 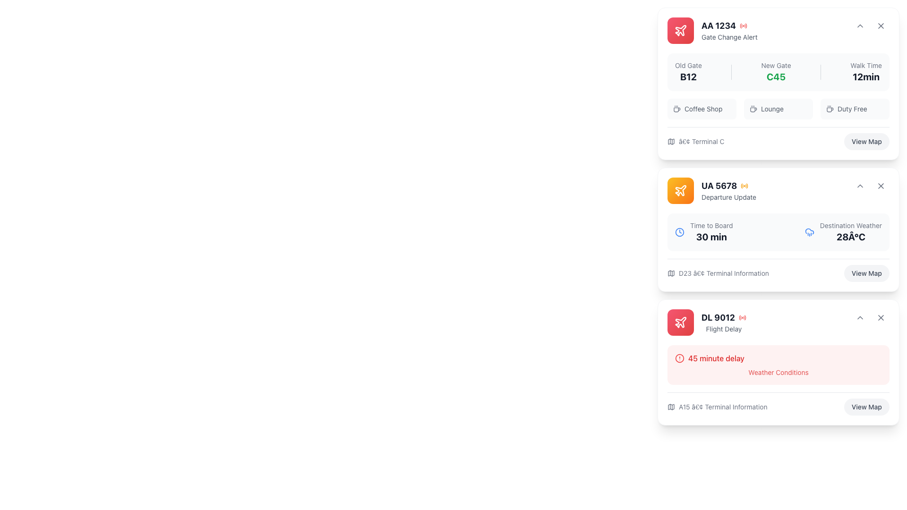 I want to click on the informational UI component displaying 'Time to Board' with a clock icon, which is centrally located in the second card from the top in the right column, so click(x=704, y=232).